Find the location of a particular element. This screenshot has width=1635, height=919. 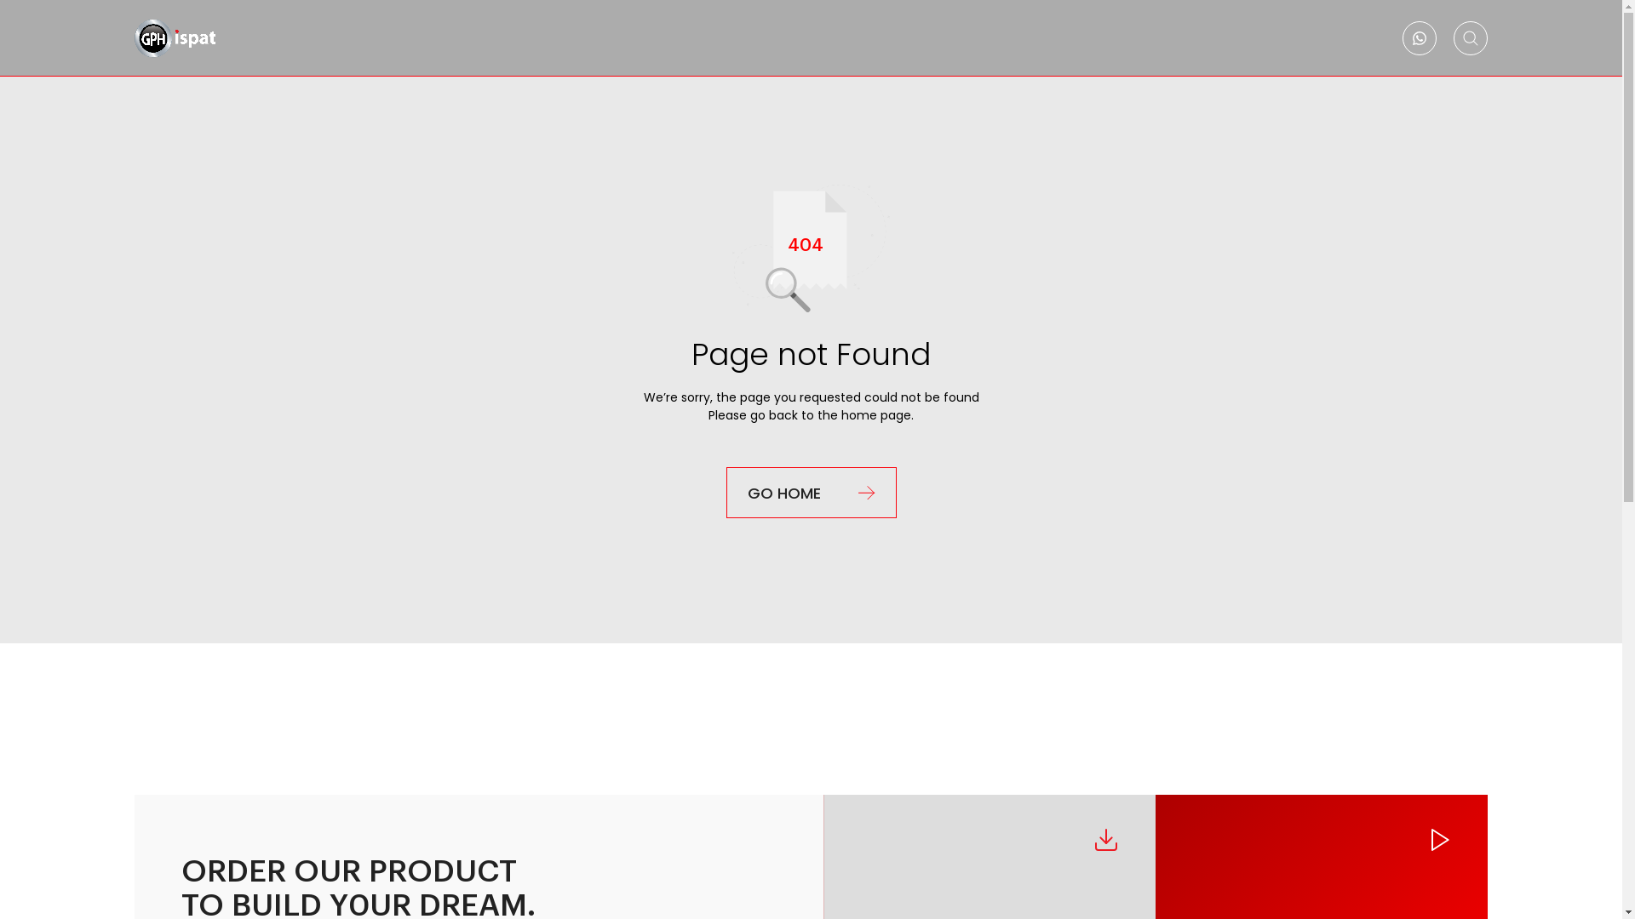

'GO HOME' is located at coordinates (809, 492).